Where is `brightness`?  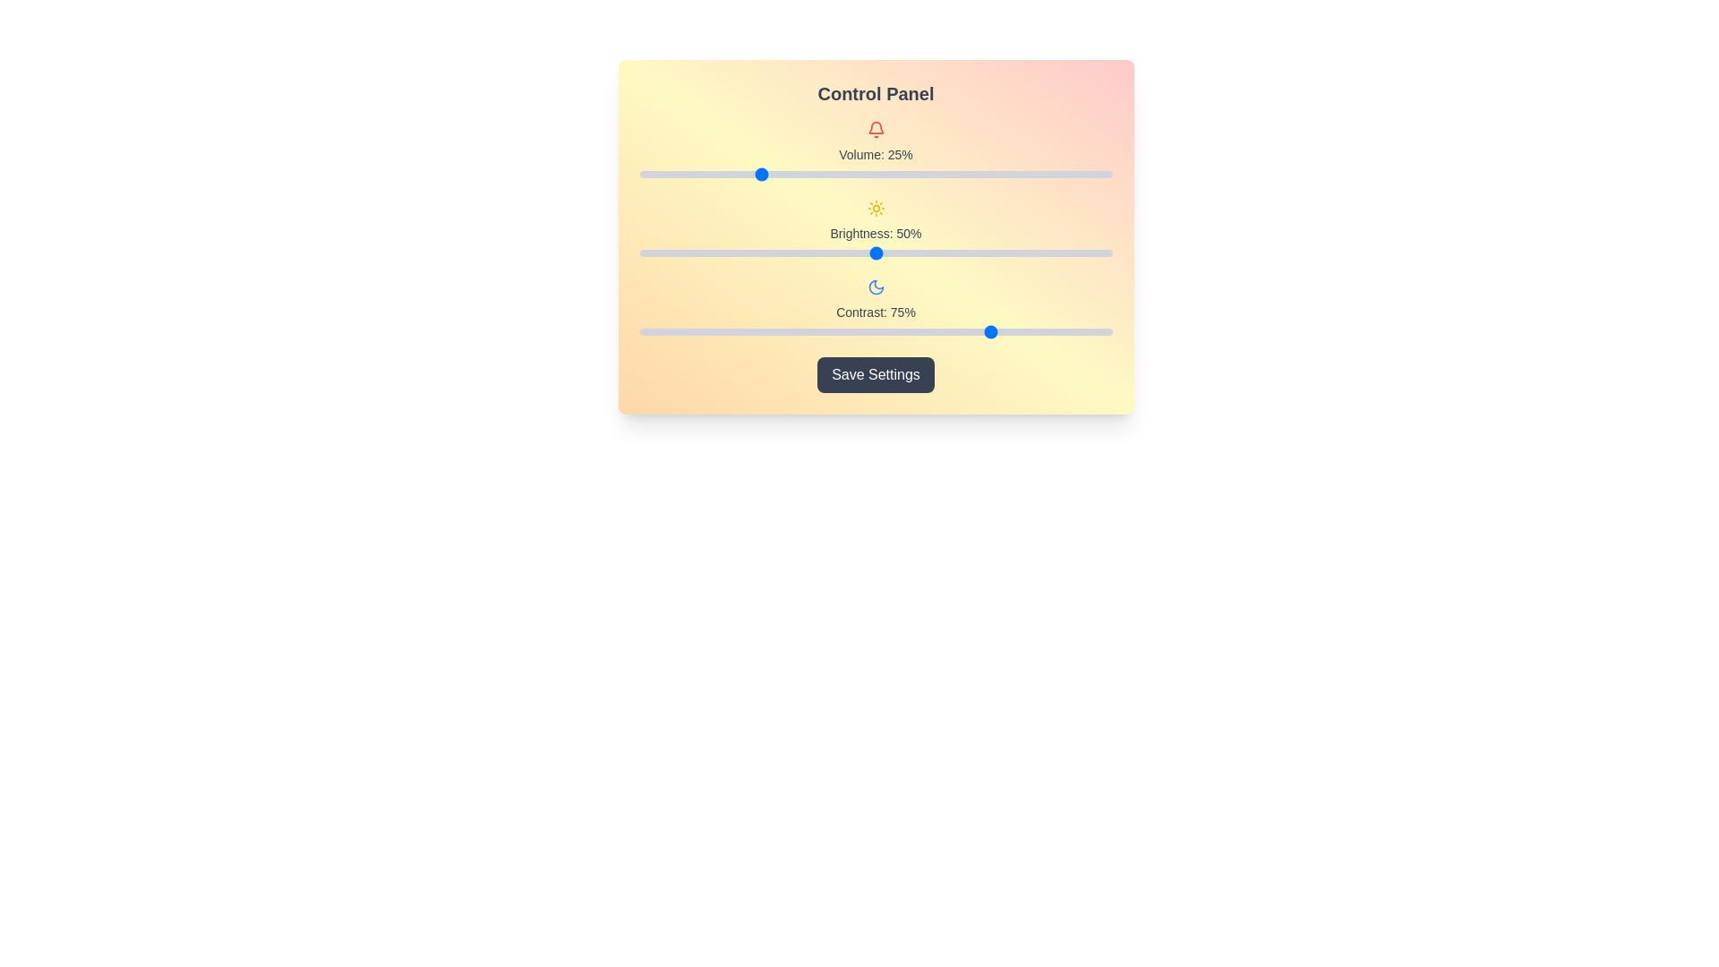 brightness is located at coordinates (724, 252).